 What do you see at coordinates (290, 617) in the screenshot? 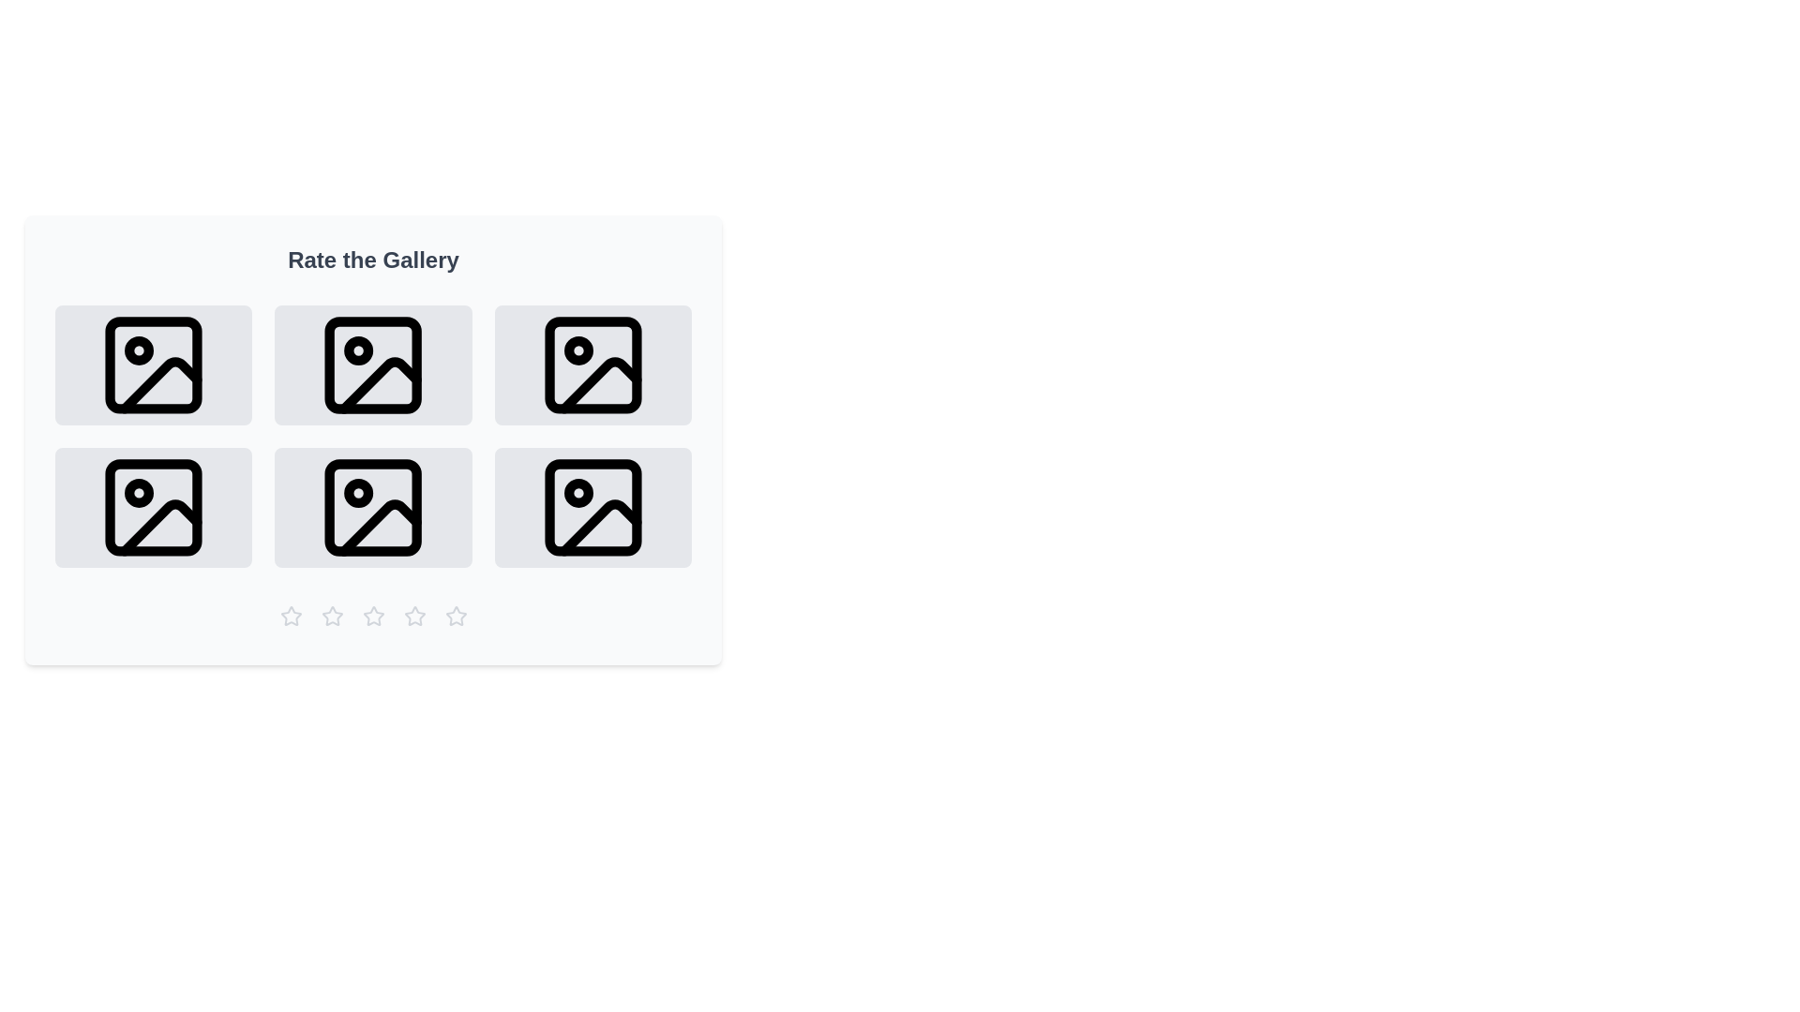
I see `the gallery rating to 1 stars by clicking the corresponding star` at bounding box center [290, 617].